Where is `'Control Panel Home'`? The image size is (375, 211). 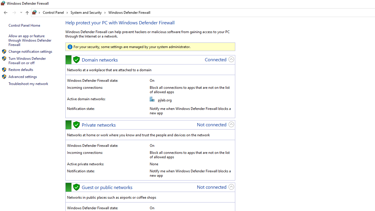
'Control Panel Home' is located at coordinates (24, 25).